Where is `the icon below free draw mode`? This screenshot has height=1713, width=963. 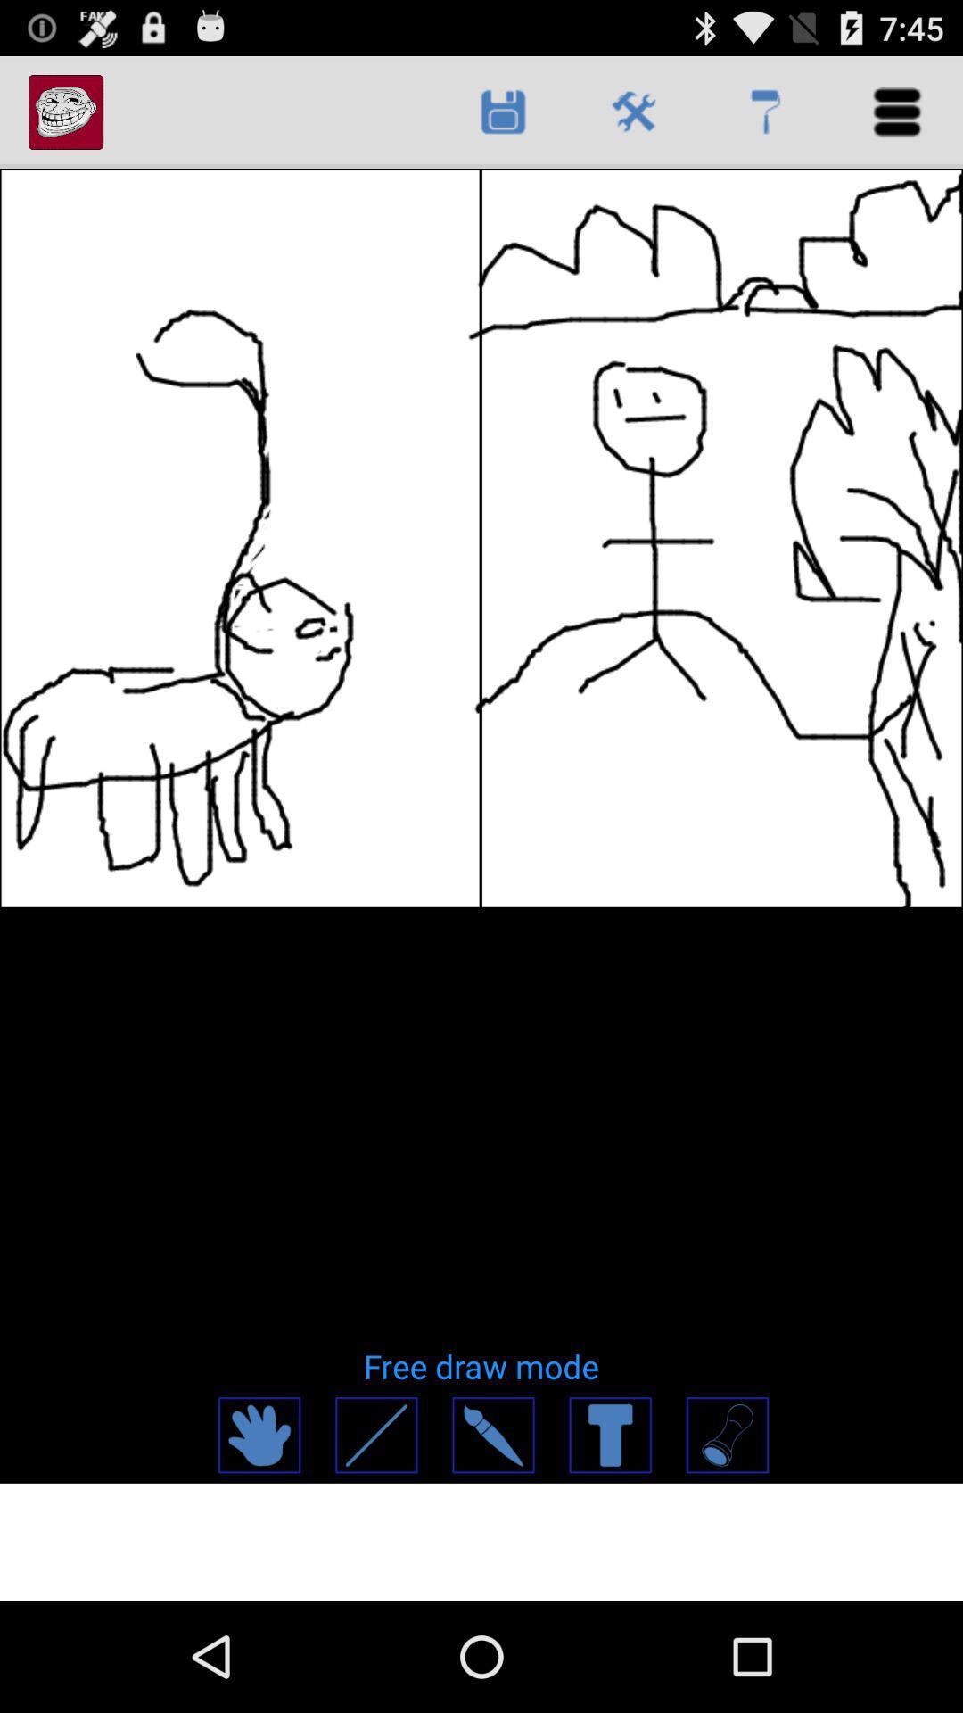 the icon below free draw mode is located at coordinates (492, 1435).